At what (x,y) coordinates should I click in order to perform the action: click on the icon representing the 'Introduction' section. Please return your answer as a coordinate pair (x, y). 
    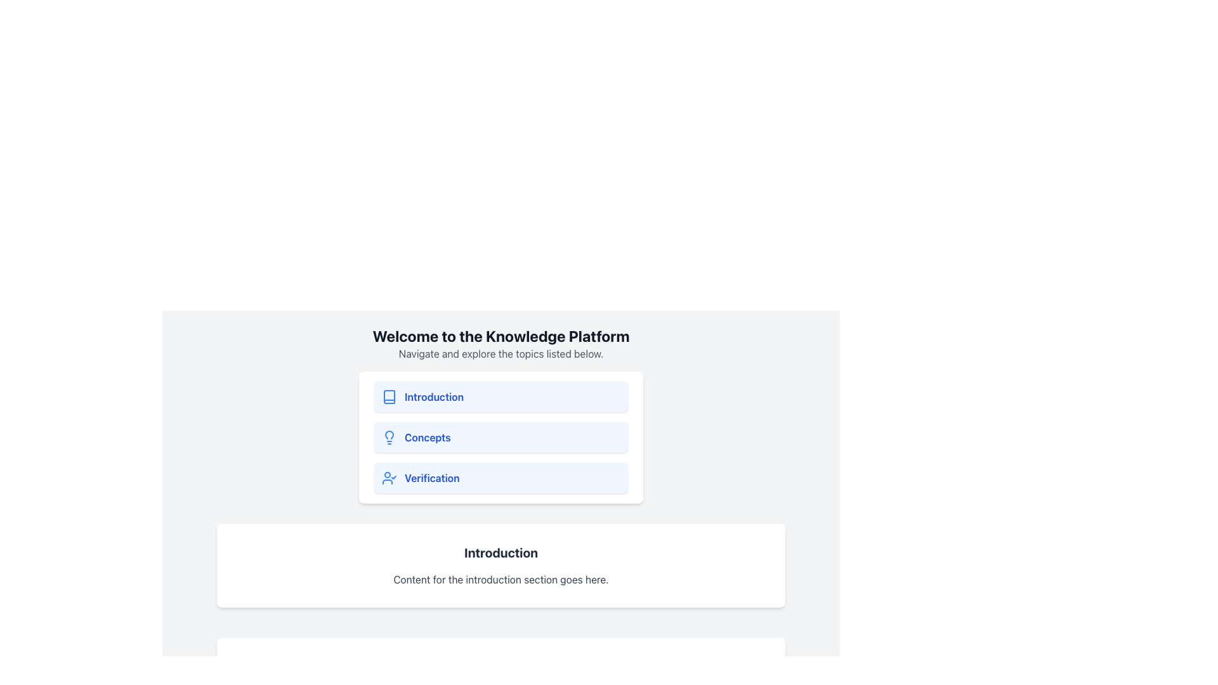
    Looking at the image, I should click on (389, 396).